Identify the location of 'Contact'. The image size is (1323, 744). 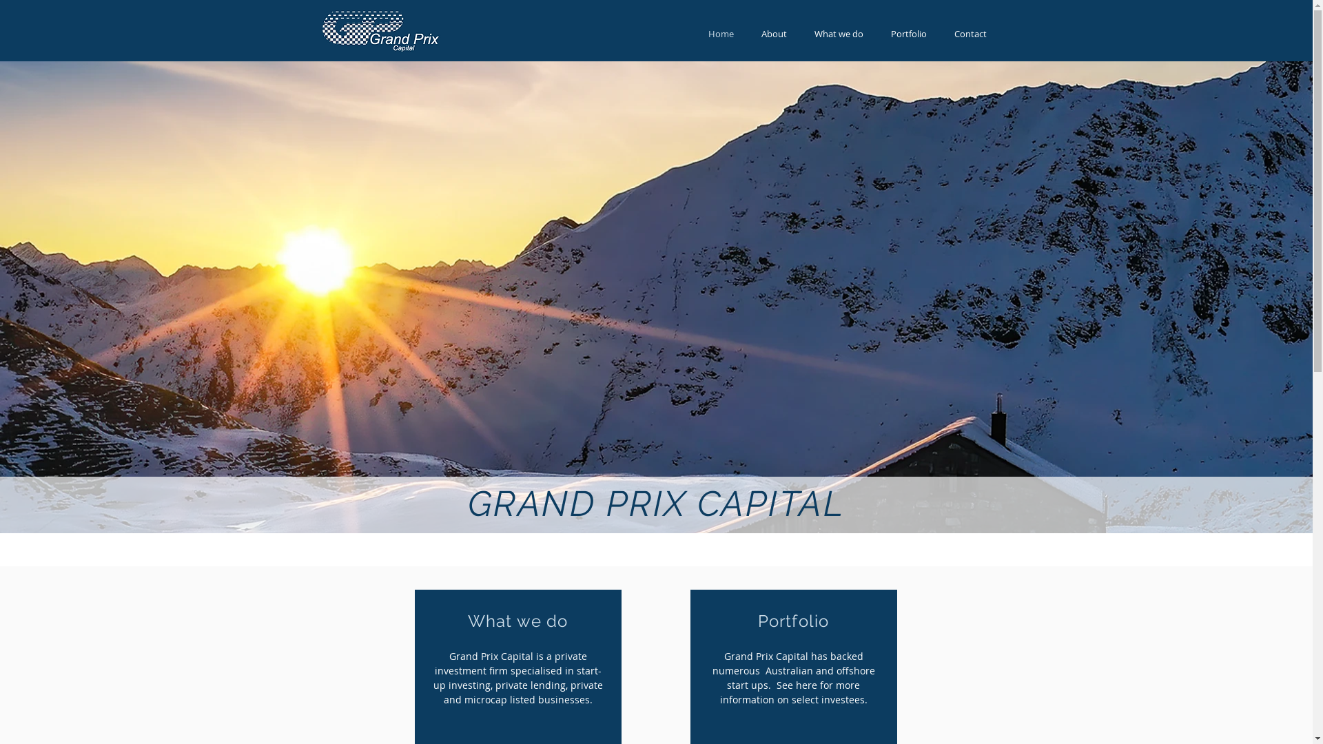
(969, 33).